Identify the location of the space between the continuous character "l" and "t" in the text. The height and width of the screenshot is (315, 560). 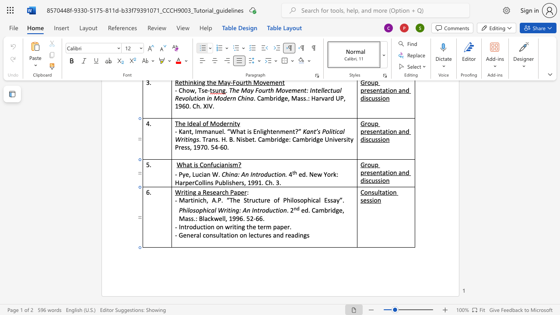
(221, 234).